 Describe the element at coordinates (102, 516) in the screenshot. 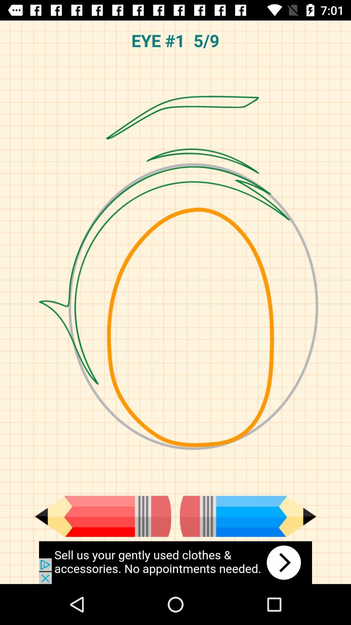

I see `draw with the pencil` at that location.